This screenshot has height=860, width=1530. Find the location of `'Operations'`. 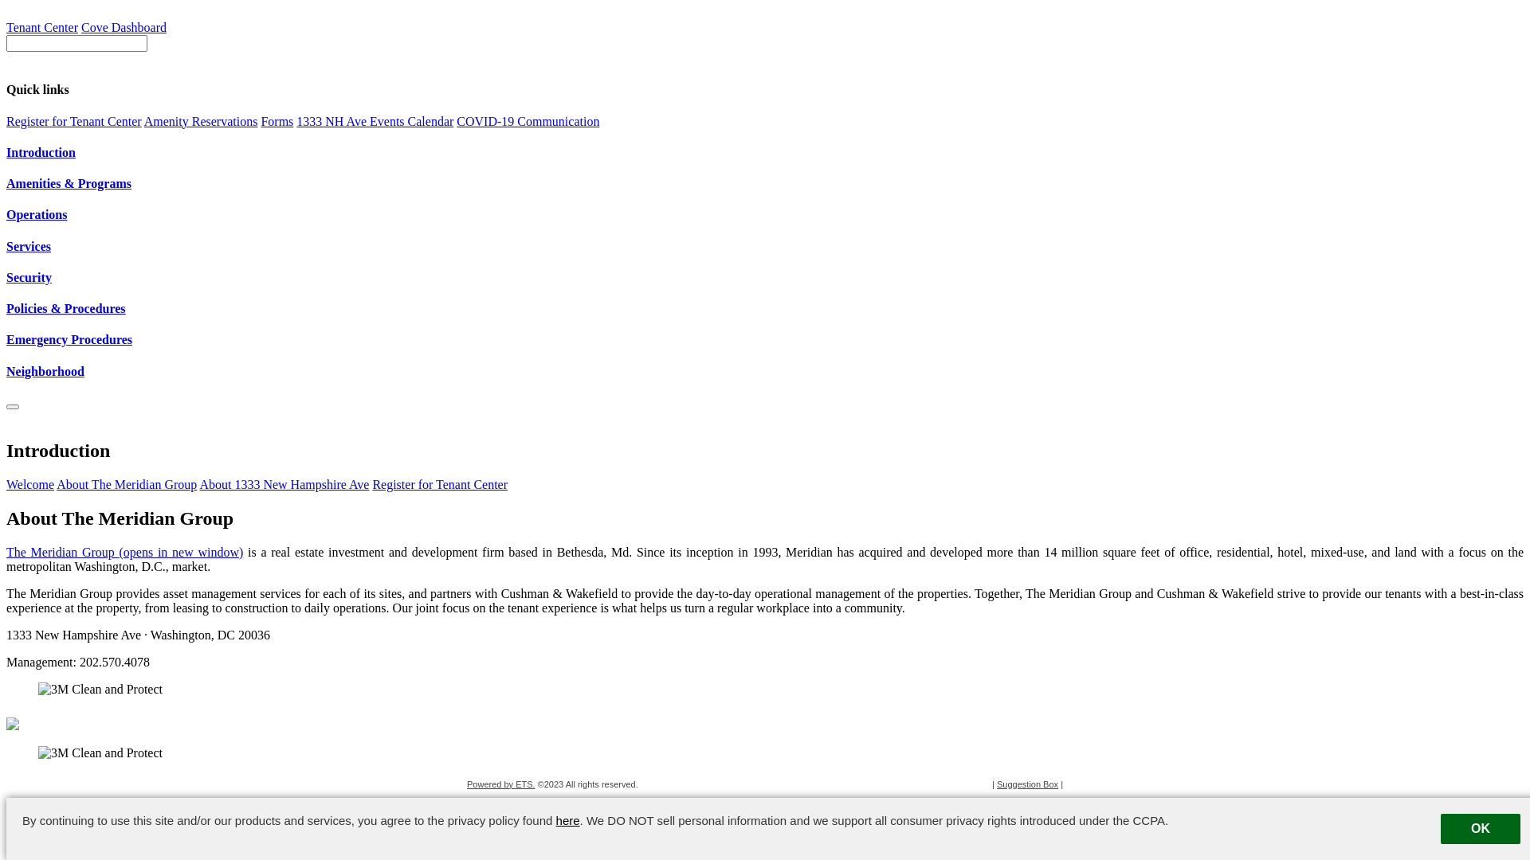

'Operations' is located at coordinates (765, 215).